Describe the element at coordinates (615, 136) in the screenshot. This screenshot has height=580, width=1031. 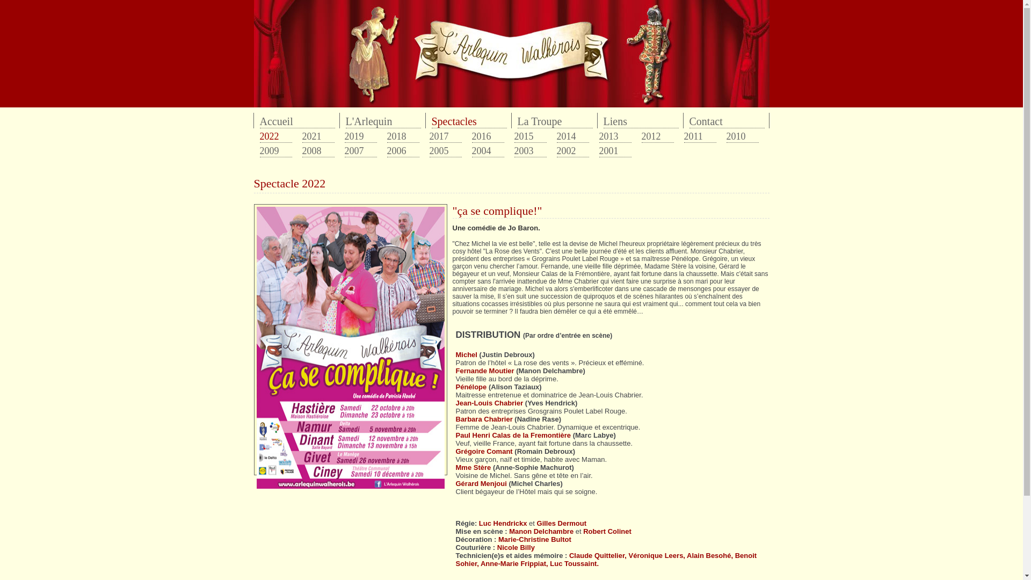
I see `'2013'` at that location.